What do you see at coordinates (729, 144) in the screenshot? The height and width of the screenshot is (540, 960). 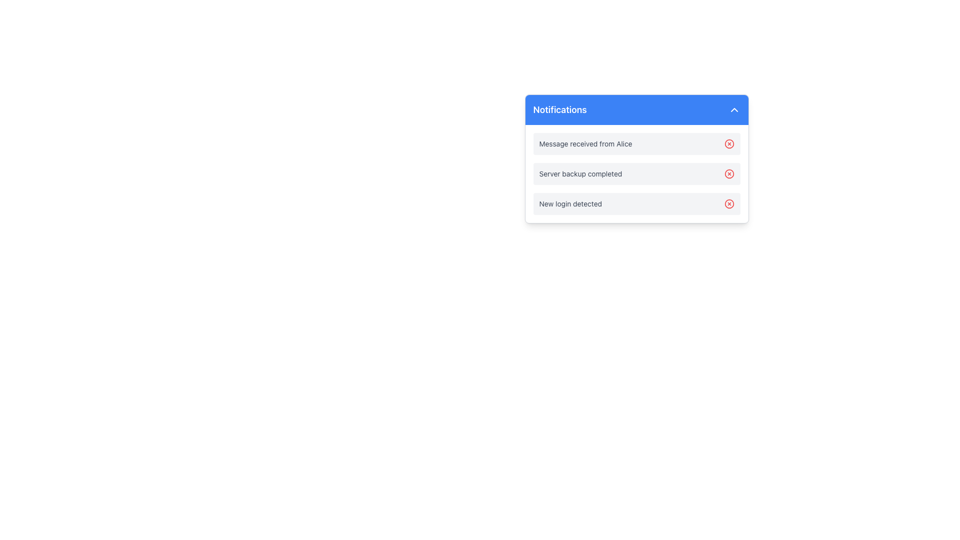 I see `the interactive button located at the far right of the 'Message received from Alice' notification` at bounding box center [729, 144].